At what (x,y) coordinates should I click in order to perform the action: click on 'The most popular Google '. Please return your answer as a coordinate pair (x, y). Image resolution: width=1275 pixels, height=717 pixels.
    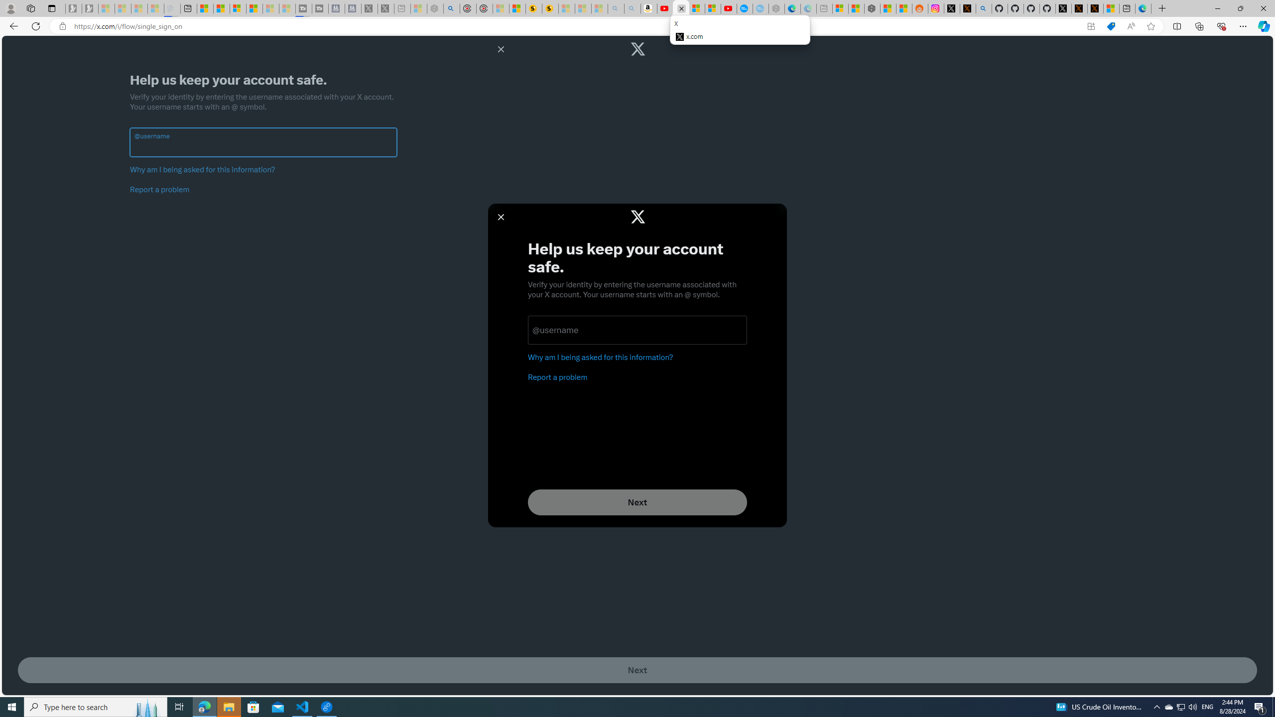
    Looking at the image, I should click on (760, 8).